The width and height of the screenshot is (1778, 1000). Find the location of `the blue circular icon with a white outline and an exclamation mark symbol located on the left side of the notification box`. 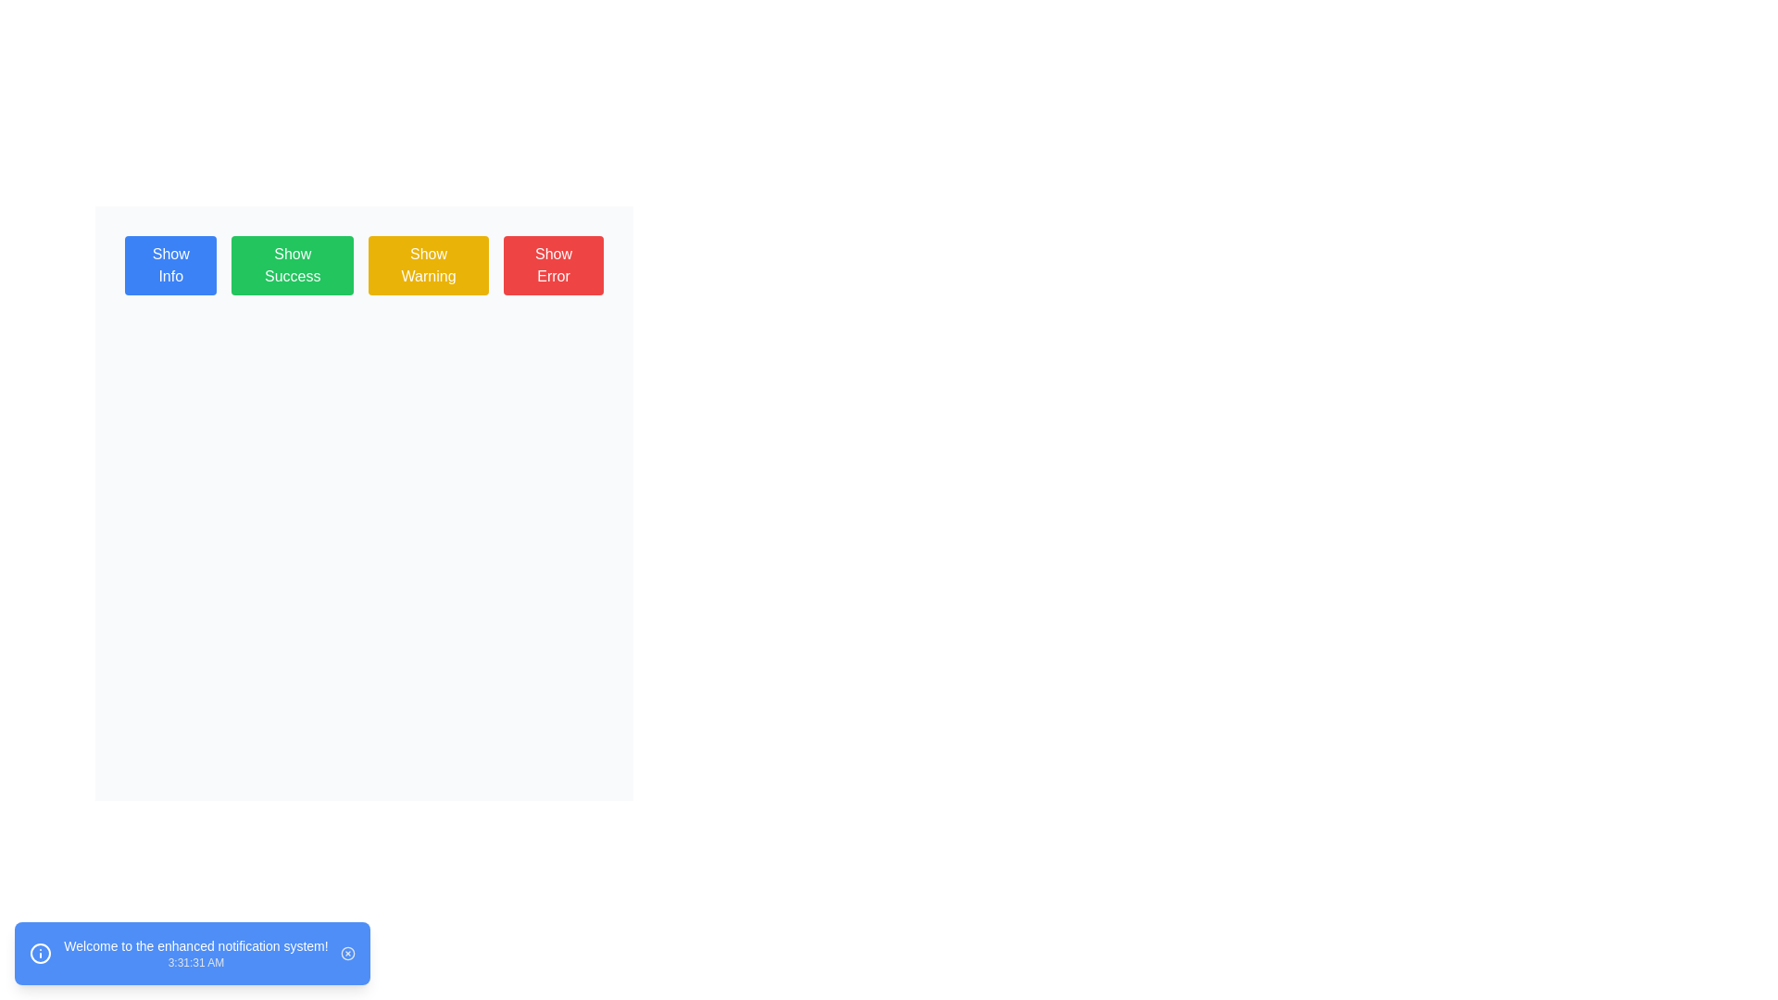

the blue circular icon with a white outline and an exclamation mark symbol located on the left side of the notification box is located at coordinates (40, 953).